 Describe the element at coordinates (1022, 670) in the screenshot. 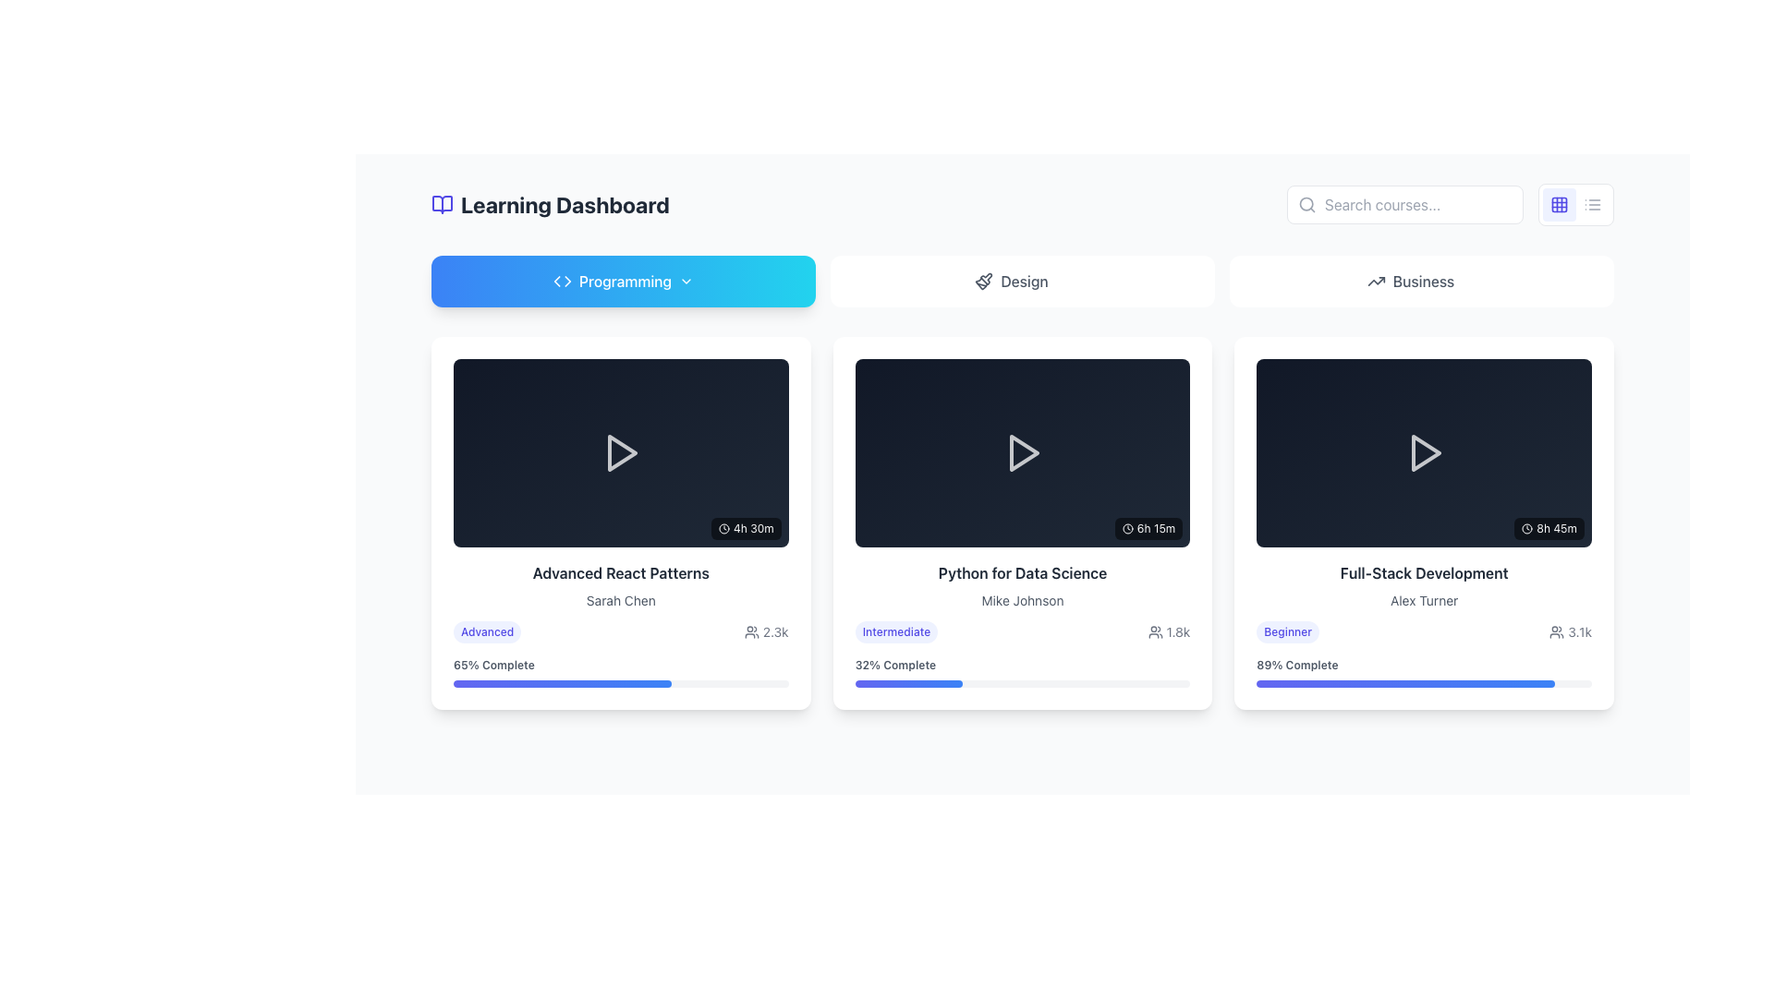

I see `the progress bar located at the bottom of the 'Python for Data Science' card, which visually indicates the completion status of the course module` at that location.